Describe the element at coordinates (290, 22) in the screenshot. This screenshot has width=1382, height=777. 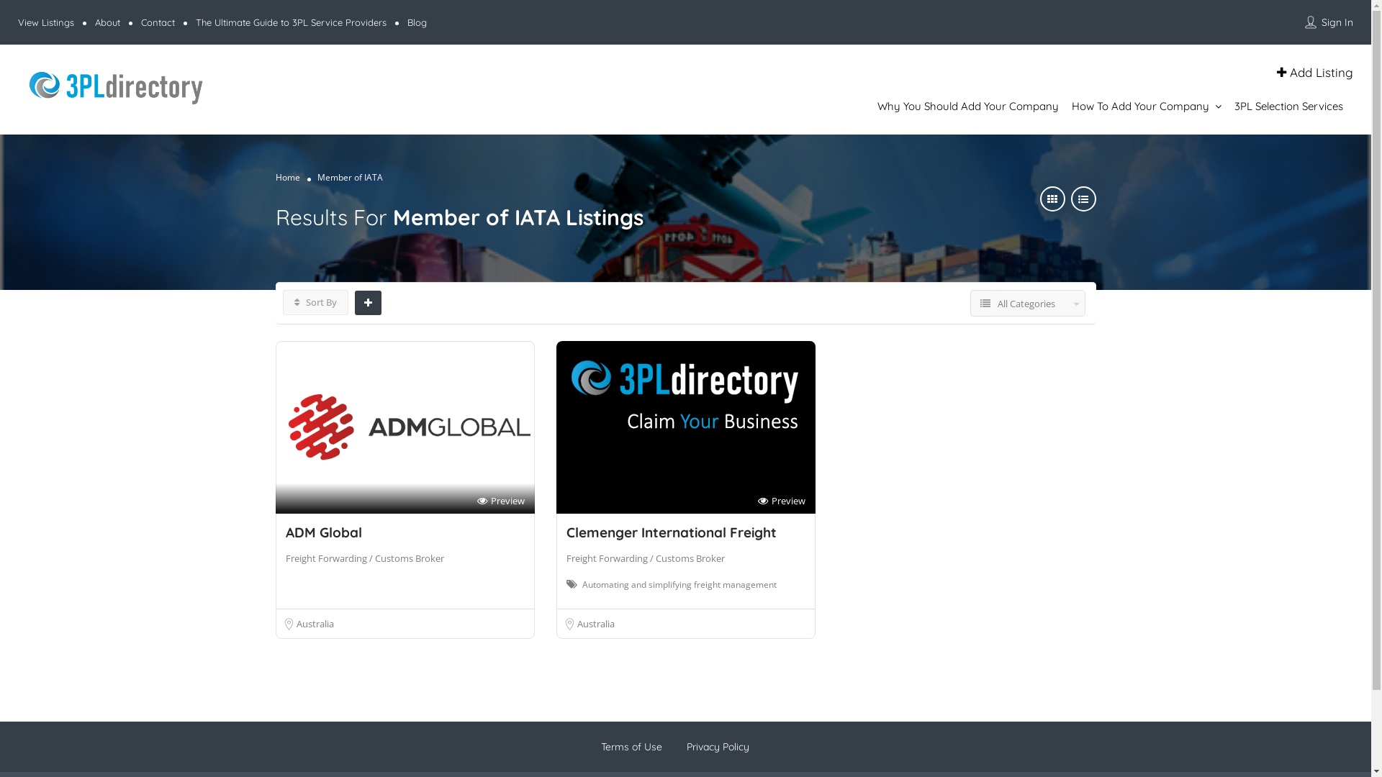
I see `'The Ultimate Guide to 3PL Service Providers'` at that location.